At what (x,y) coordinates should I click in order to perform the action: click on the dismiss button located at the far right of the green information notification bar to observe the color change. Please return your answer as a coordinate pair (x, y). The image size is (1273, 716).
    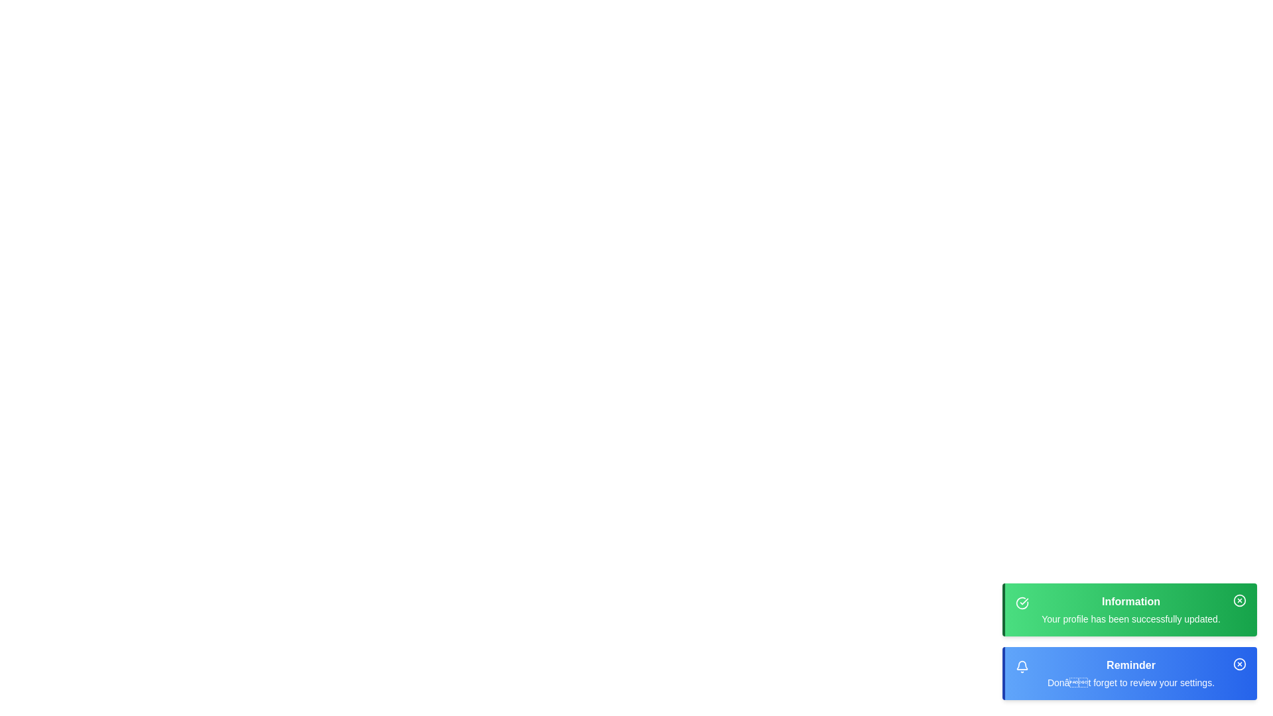
    Looking at the image, I should click on (1239, 601).